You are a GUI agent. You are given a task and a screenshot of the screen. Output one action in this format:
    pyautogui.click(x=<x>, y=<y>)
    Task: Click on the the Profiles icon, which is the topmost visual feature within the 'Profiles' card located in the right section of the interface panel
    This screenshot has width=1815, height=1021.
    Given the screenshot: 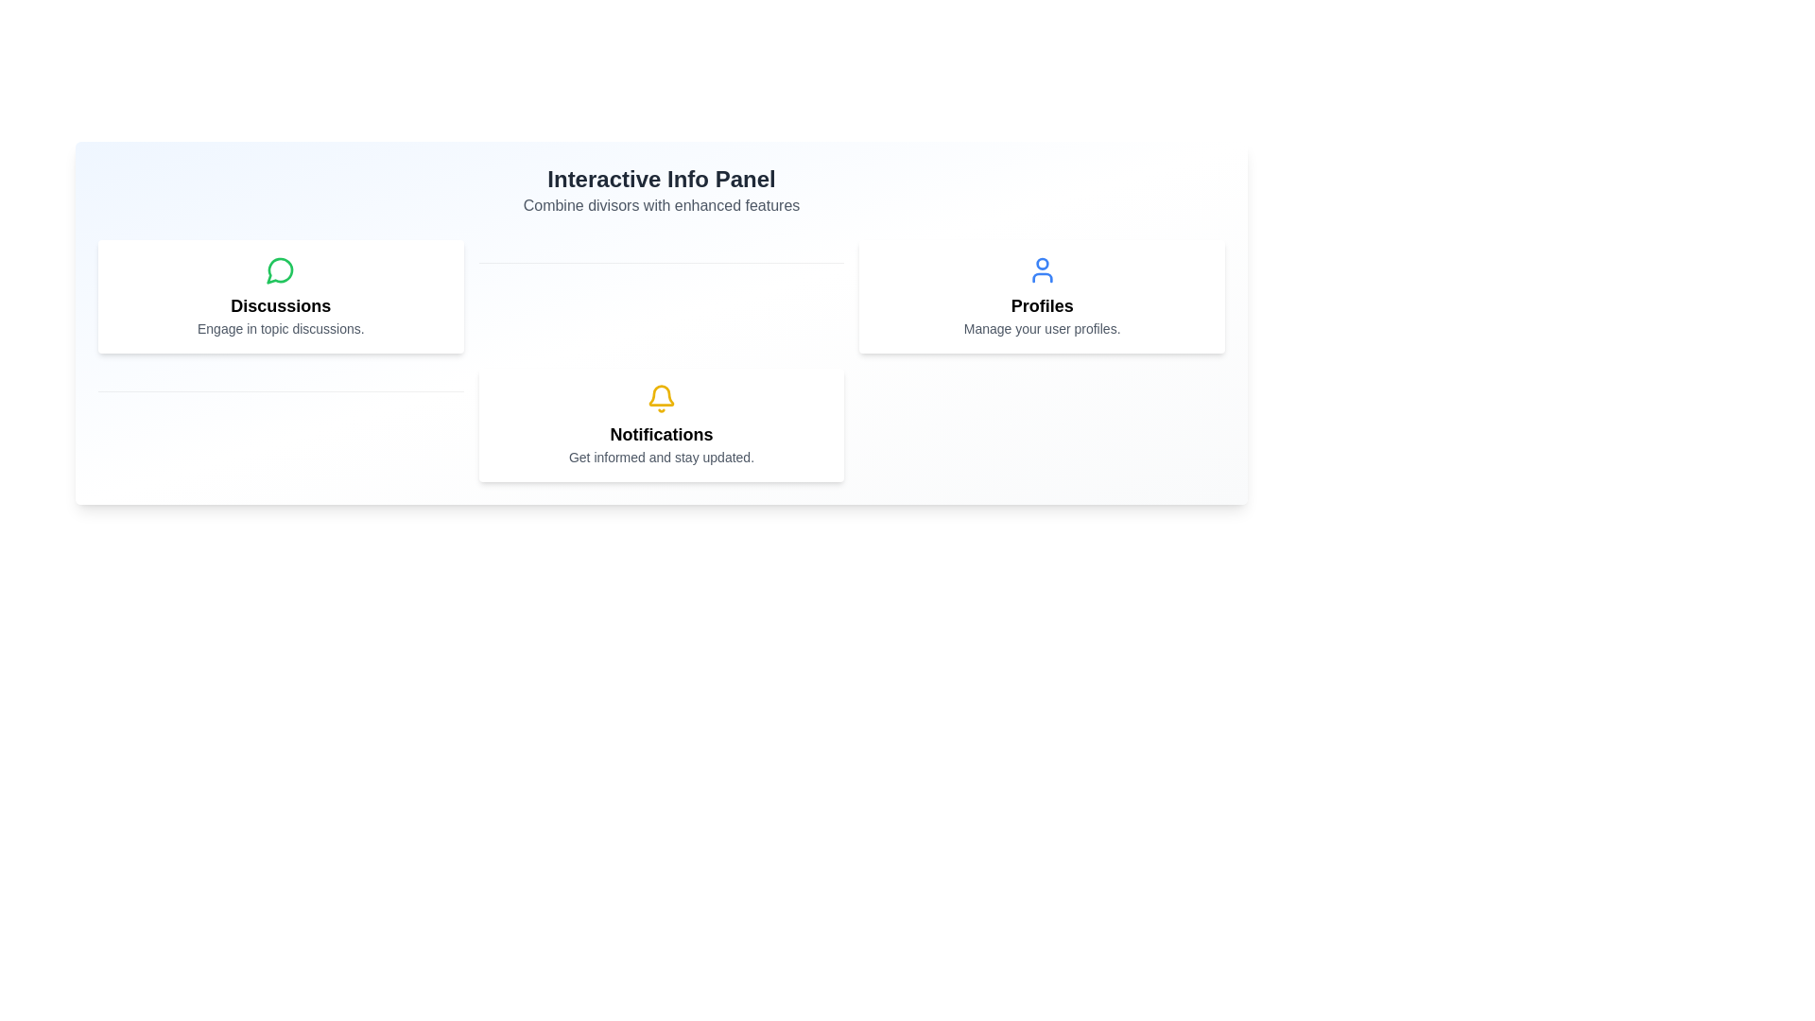 What is the action you would take?
    pyautogui.click(x=1041, y=269)
    